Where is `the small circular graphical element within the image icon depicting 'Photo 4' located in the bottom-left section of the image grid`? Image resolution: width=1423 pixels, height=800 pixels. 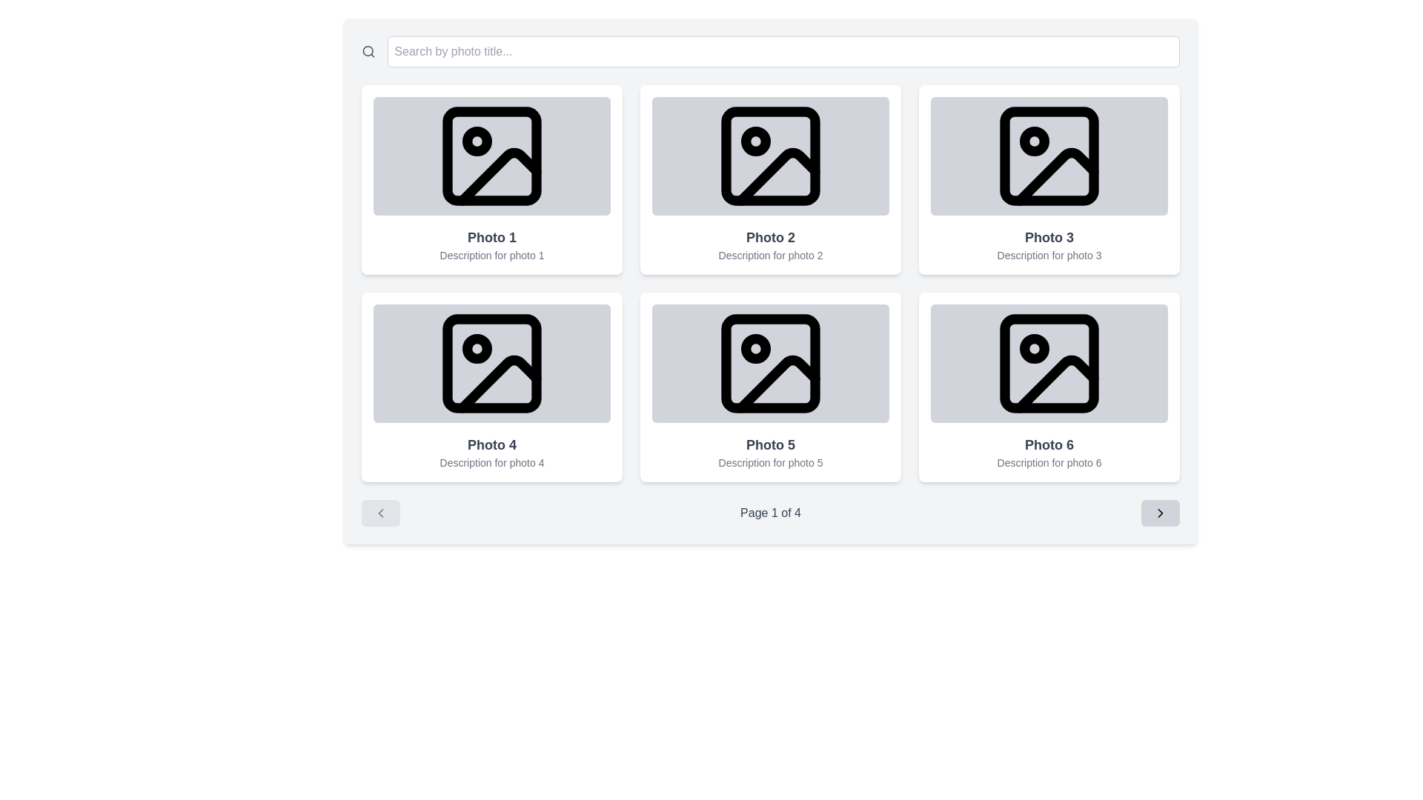 the small circular graphical element within the image icon depicting 'Photo 4' located in the bottom-left section of the image grid is located at coordinates (477, 348).